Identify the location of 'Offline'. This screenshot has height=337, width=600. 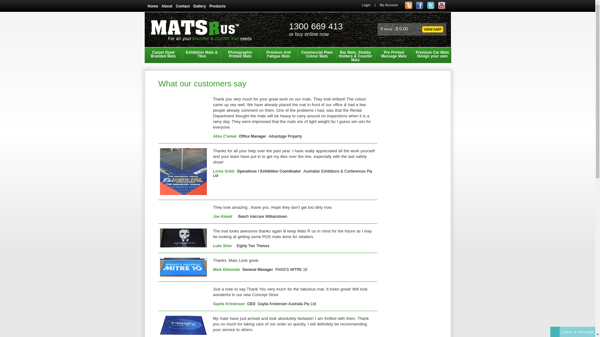
(555, 331).